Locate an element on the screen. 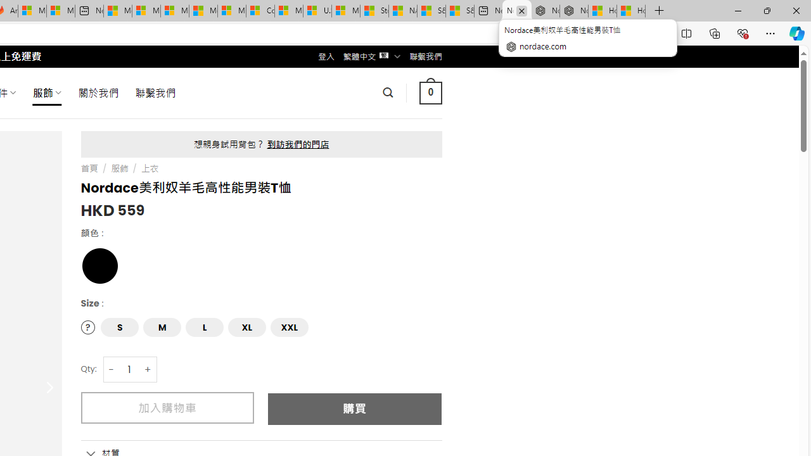 The image size is (811, 456). '+' is located at coordinates (148, 369).